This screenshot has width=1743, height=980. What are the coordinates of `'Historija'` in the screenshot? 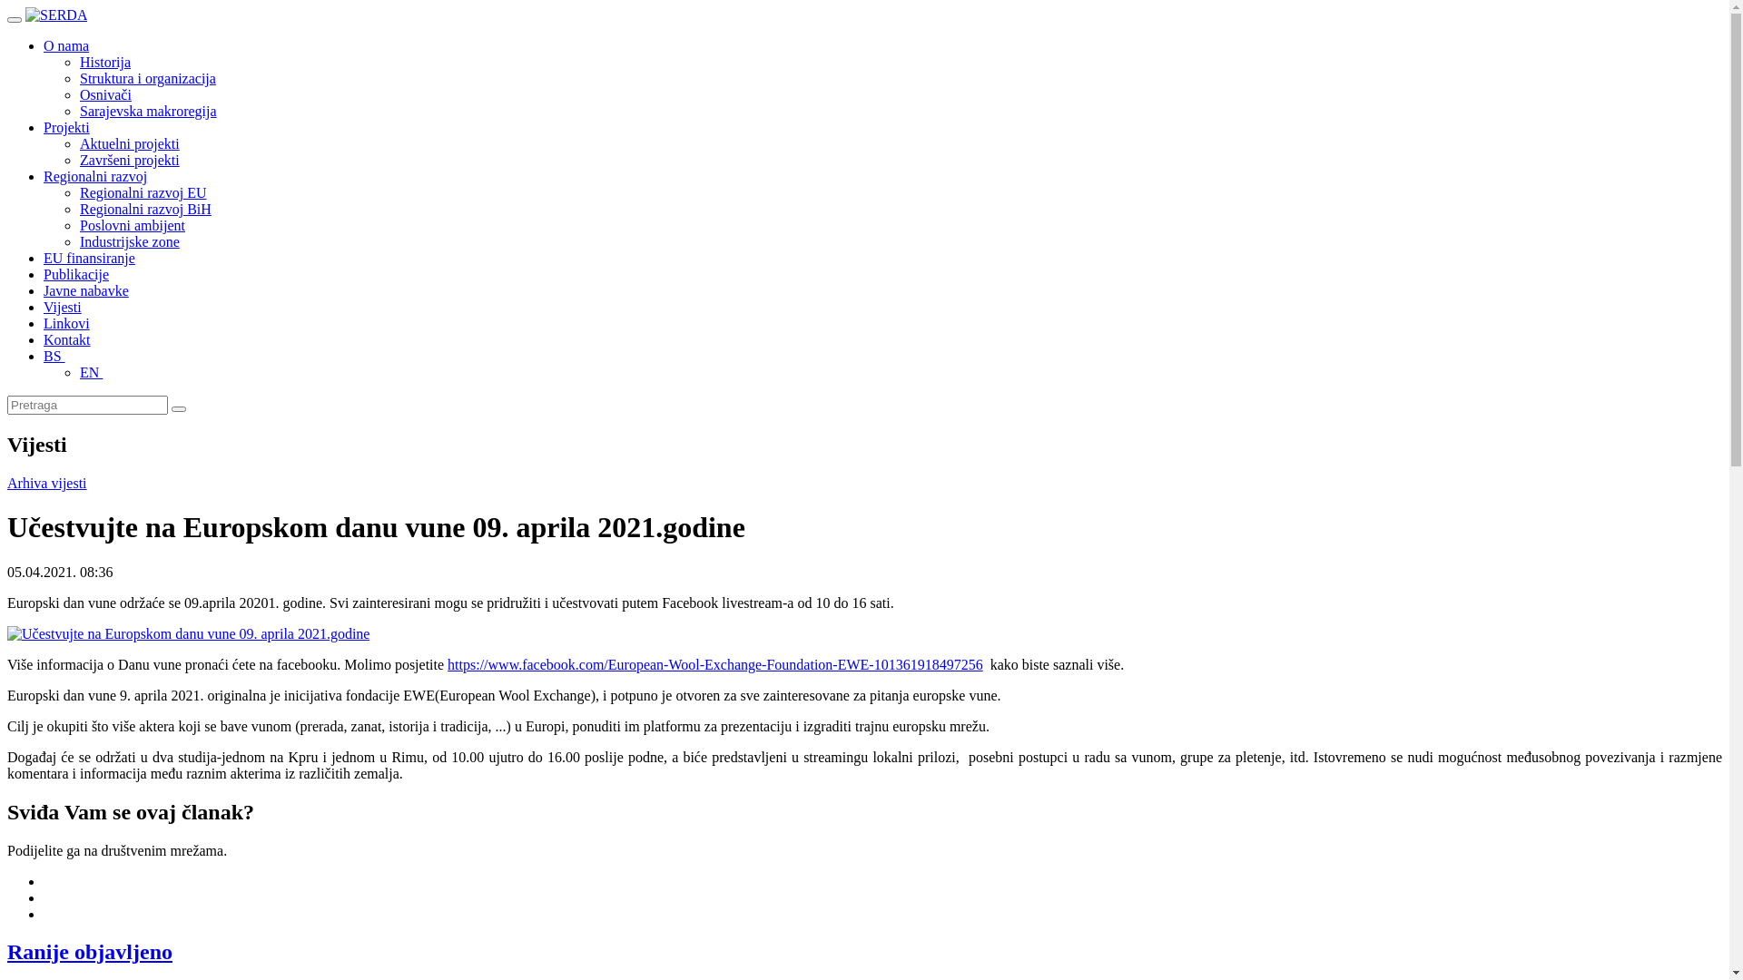 It's located at (103, 61).